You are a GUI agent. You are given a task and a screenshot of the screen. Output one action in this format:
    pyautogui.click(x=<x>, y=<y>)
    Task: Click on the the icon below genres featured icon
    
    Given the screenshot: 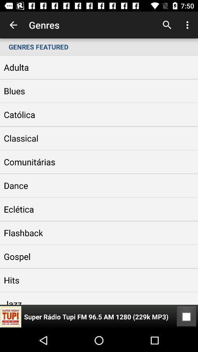 What is the action you would take?
    pyautogui.click(x=186, y=316)
    